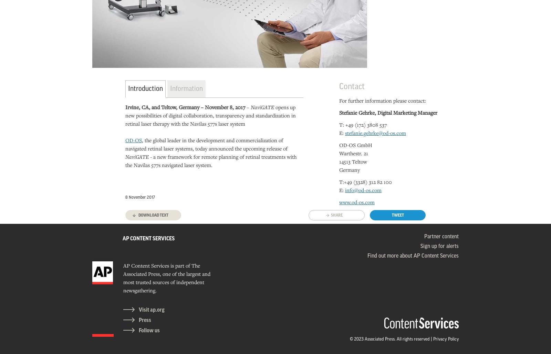  What do you see at coordinates (210, 160) in the screenshot?
I see `'- a new framework for remote planning of retinal treatments with the Navilas 577s navigated laser system.'` at bounding box center [210, 160].